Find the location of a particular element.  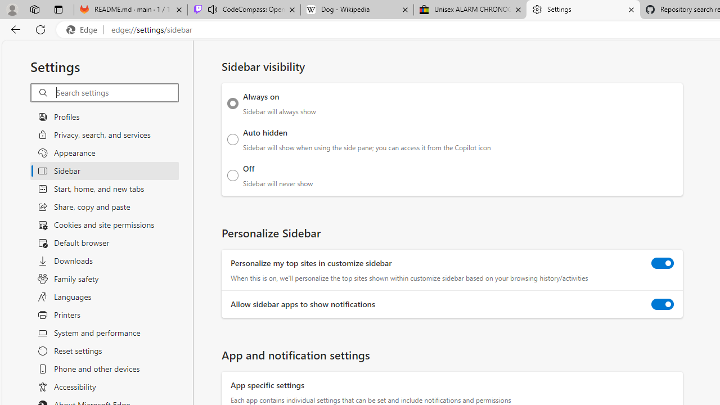

'Dog - Wikipedia' is located at coordinates (356, 10).